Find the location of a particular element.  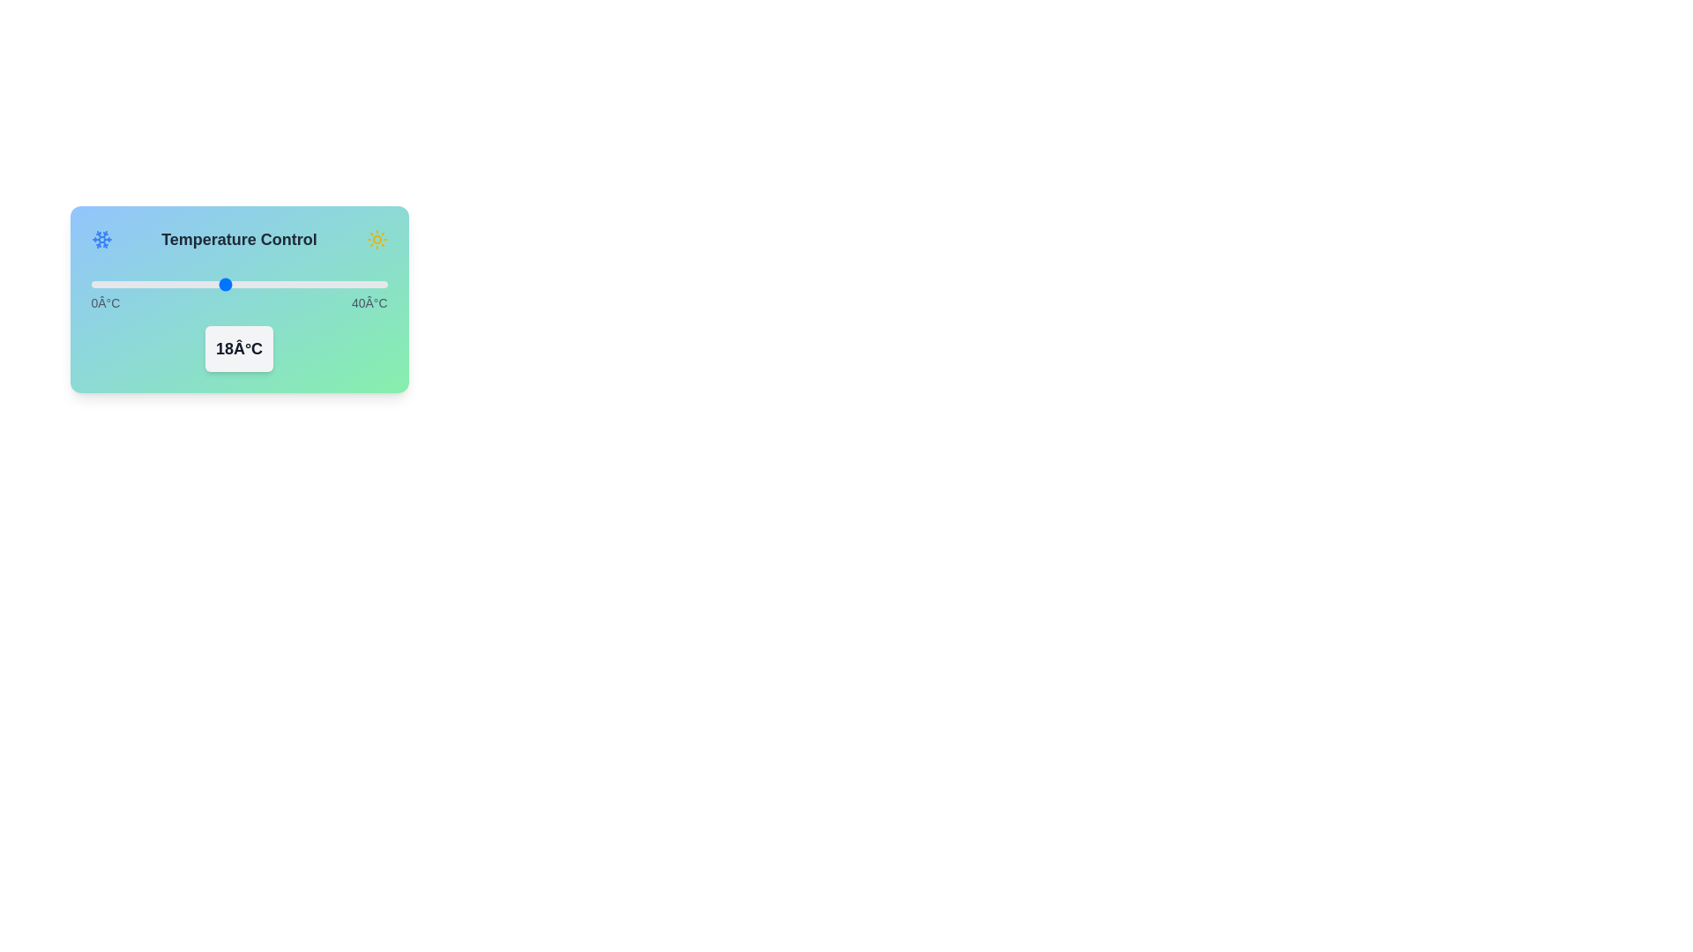

the temperature slider to 11°C to inspect the theme indicator is located at coordinates (172, 284).